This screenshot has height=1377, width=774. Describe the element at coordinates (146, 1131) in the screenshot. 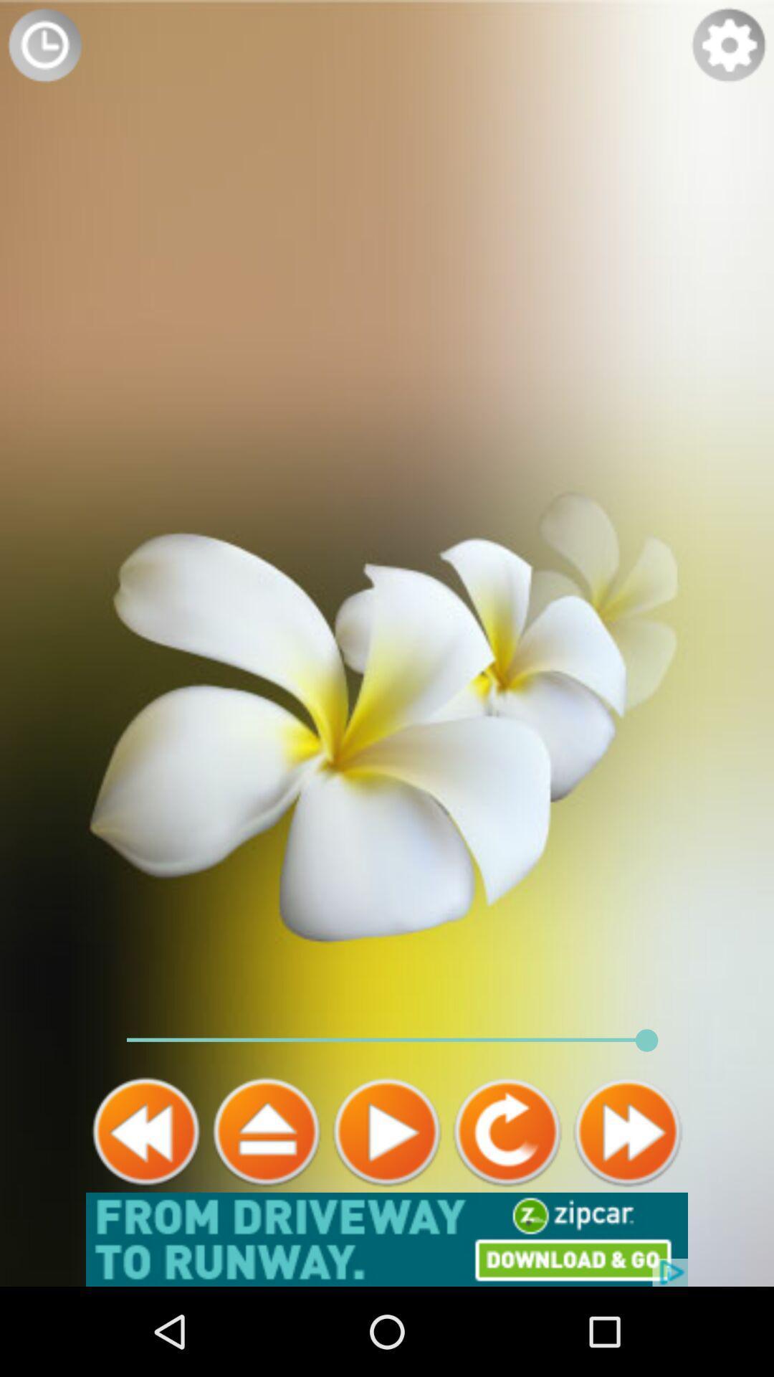

I see `good` at that location.